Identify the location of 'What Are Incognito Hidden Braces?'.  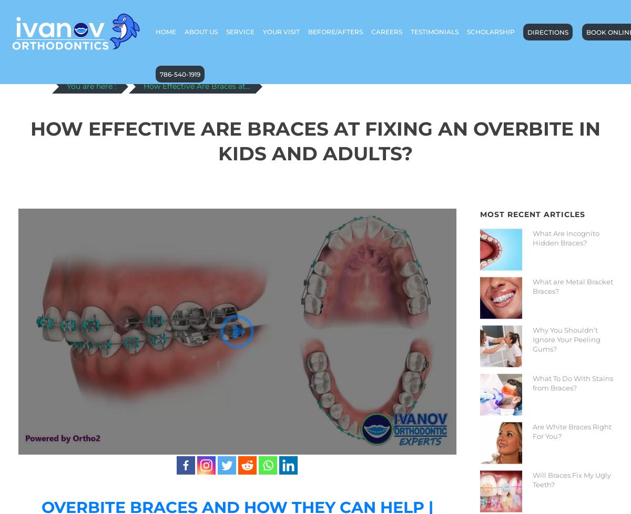
(565, 237).